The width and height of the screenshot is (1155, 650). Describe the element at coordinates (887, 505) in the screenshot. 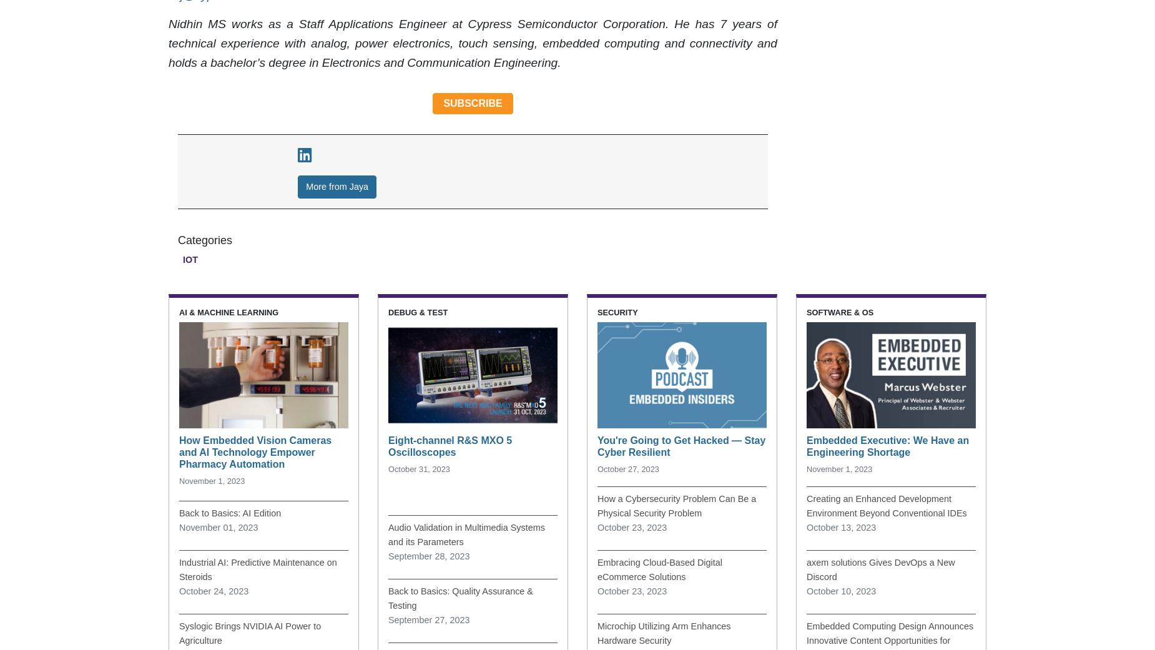

I see `'Creating an Enhanced Development Environment Beyond Conventional IDEs'` at that location.